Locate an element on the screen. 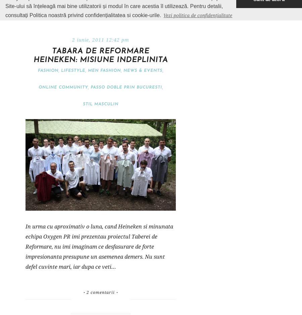  'Fashion' is located at coordinates (48, 70).